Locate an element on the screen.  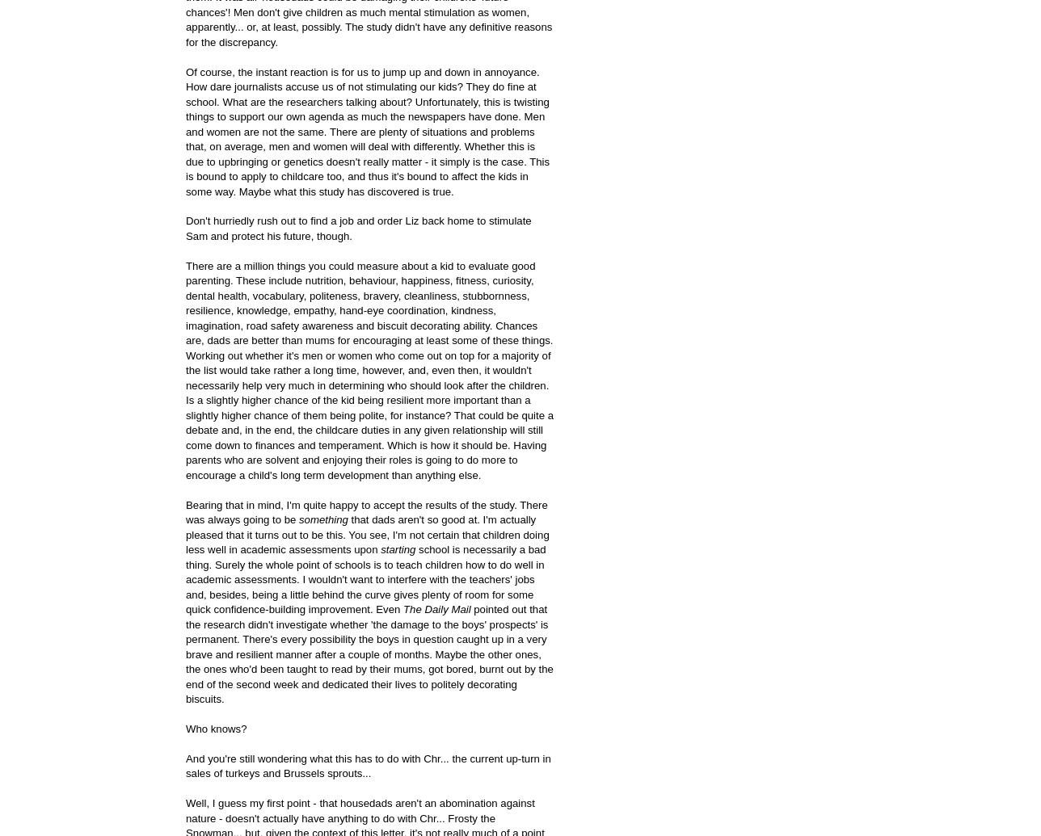
'There are a million things you could measure about a kid to evaluate good parenting. These include nutrition, behaviour, happiness, fitness, curiosity, dental health, vocabulary, politeness, bravery, cleanliness, stubbornness, resilience, knowledge, empathy, hand-eye coordination, kindness, imagination, road safety awareness and biscuit decorating ability. Chances are, dads are better than mums for encouraging at least some of these things. Working out whether it's men or women who come out on top for a majority of the list would take rather a long time, however, and, even then, it wouldn't necessarily help very much in determining who should look after the children. Is a slightly higher chance of the kid being resilient more important than a slightly higher chance of them being polite, for instance? That could be quite a debate and, in the end, the childcare duties in any given relationship will still come down to finances and temperament. Which is how it should be. Having parents who are solvent and enjoying their roles is going to do more to encourage a child's long term development than anything else.' is located at coordinates (369, 369).